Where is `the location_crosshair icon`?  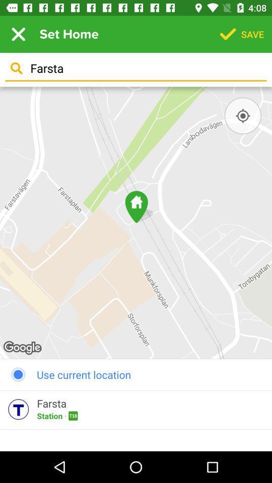
the location_crosshair icon is located at coordinates (242, 116).